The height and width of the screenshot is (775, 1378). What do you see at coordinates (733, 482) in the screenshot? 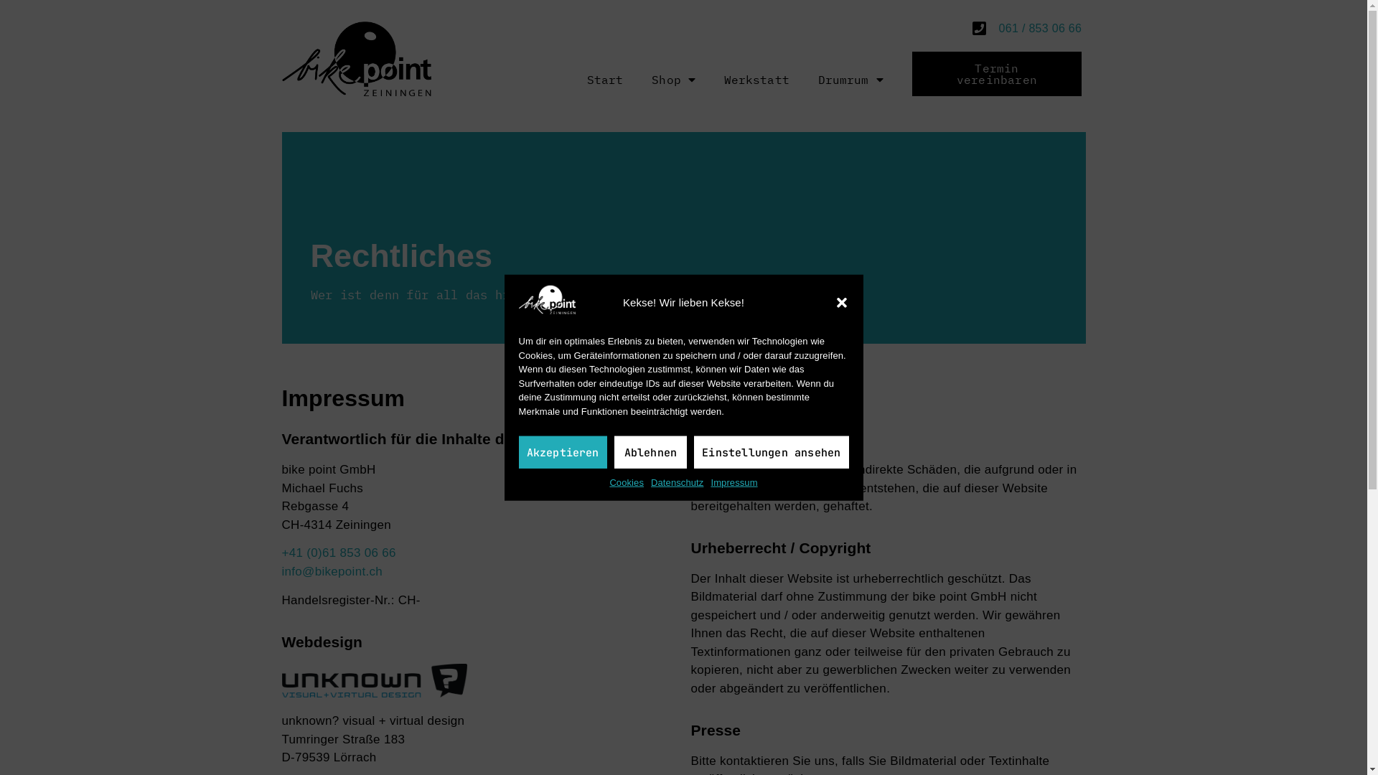
I see `'Impressum'` at bounding box center [733, 482].